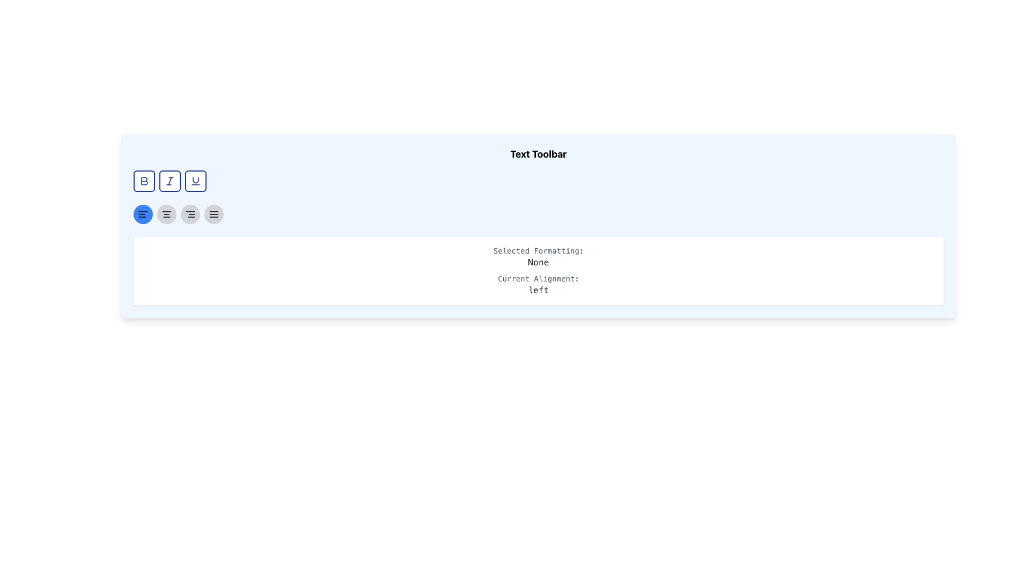  I want to click on the italic formatting option represented by a small, italicized 'I' icon in the toolbar for keyboard navigation, so click(169, 181).